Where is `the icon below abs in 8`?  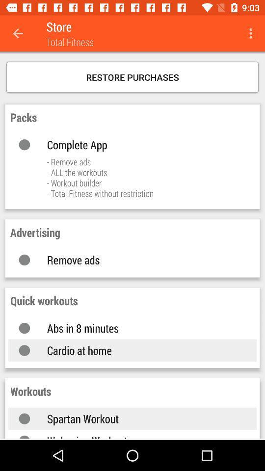 the icon below abs in 8 is located at coordinates (141, 350).